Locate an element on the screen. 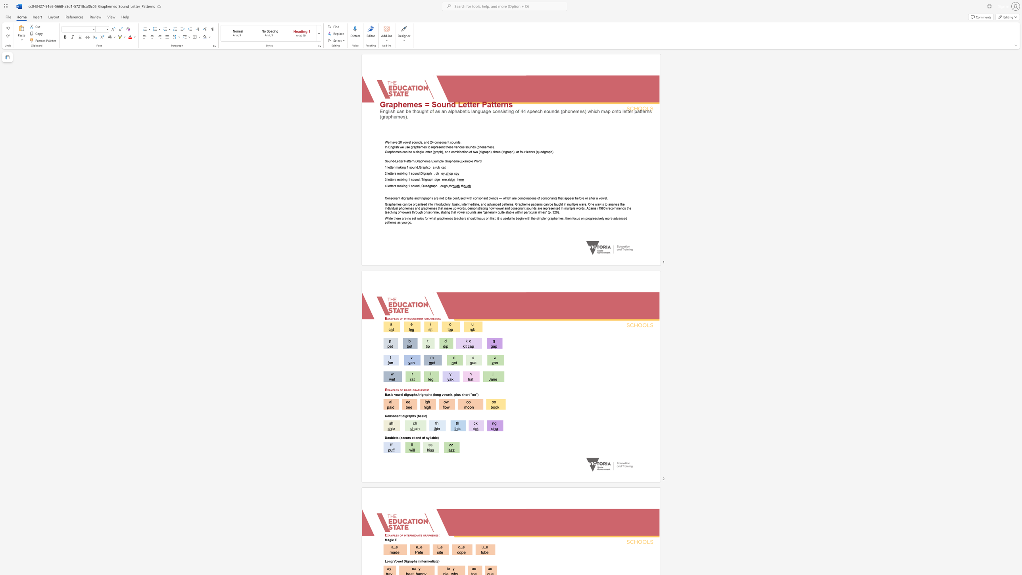  the space between the continuous character "o" and "f" in the text is located at coordinates (401, 318).